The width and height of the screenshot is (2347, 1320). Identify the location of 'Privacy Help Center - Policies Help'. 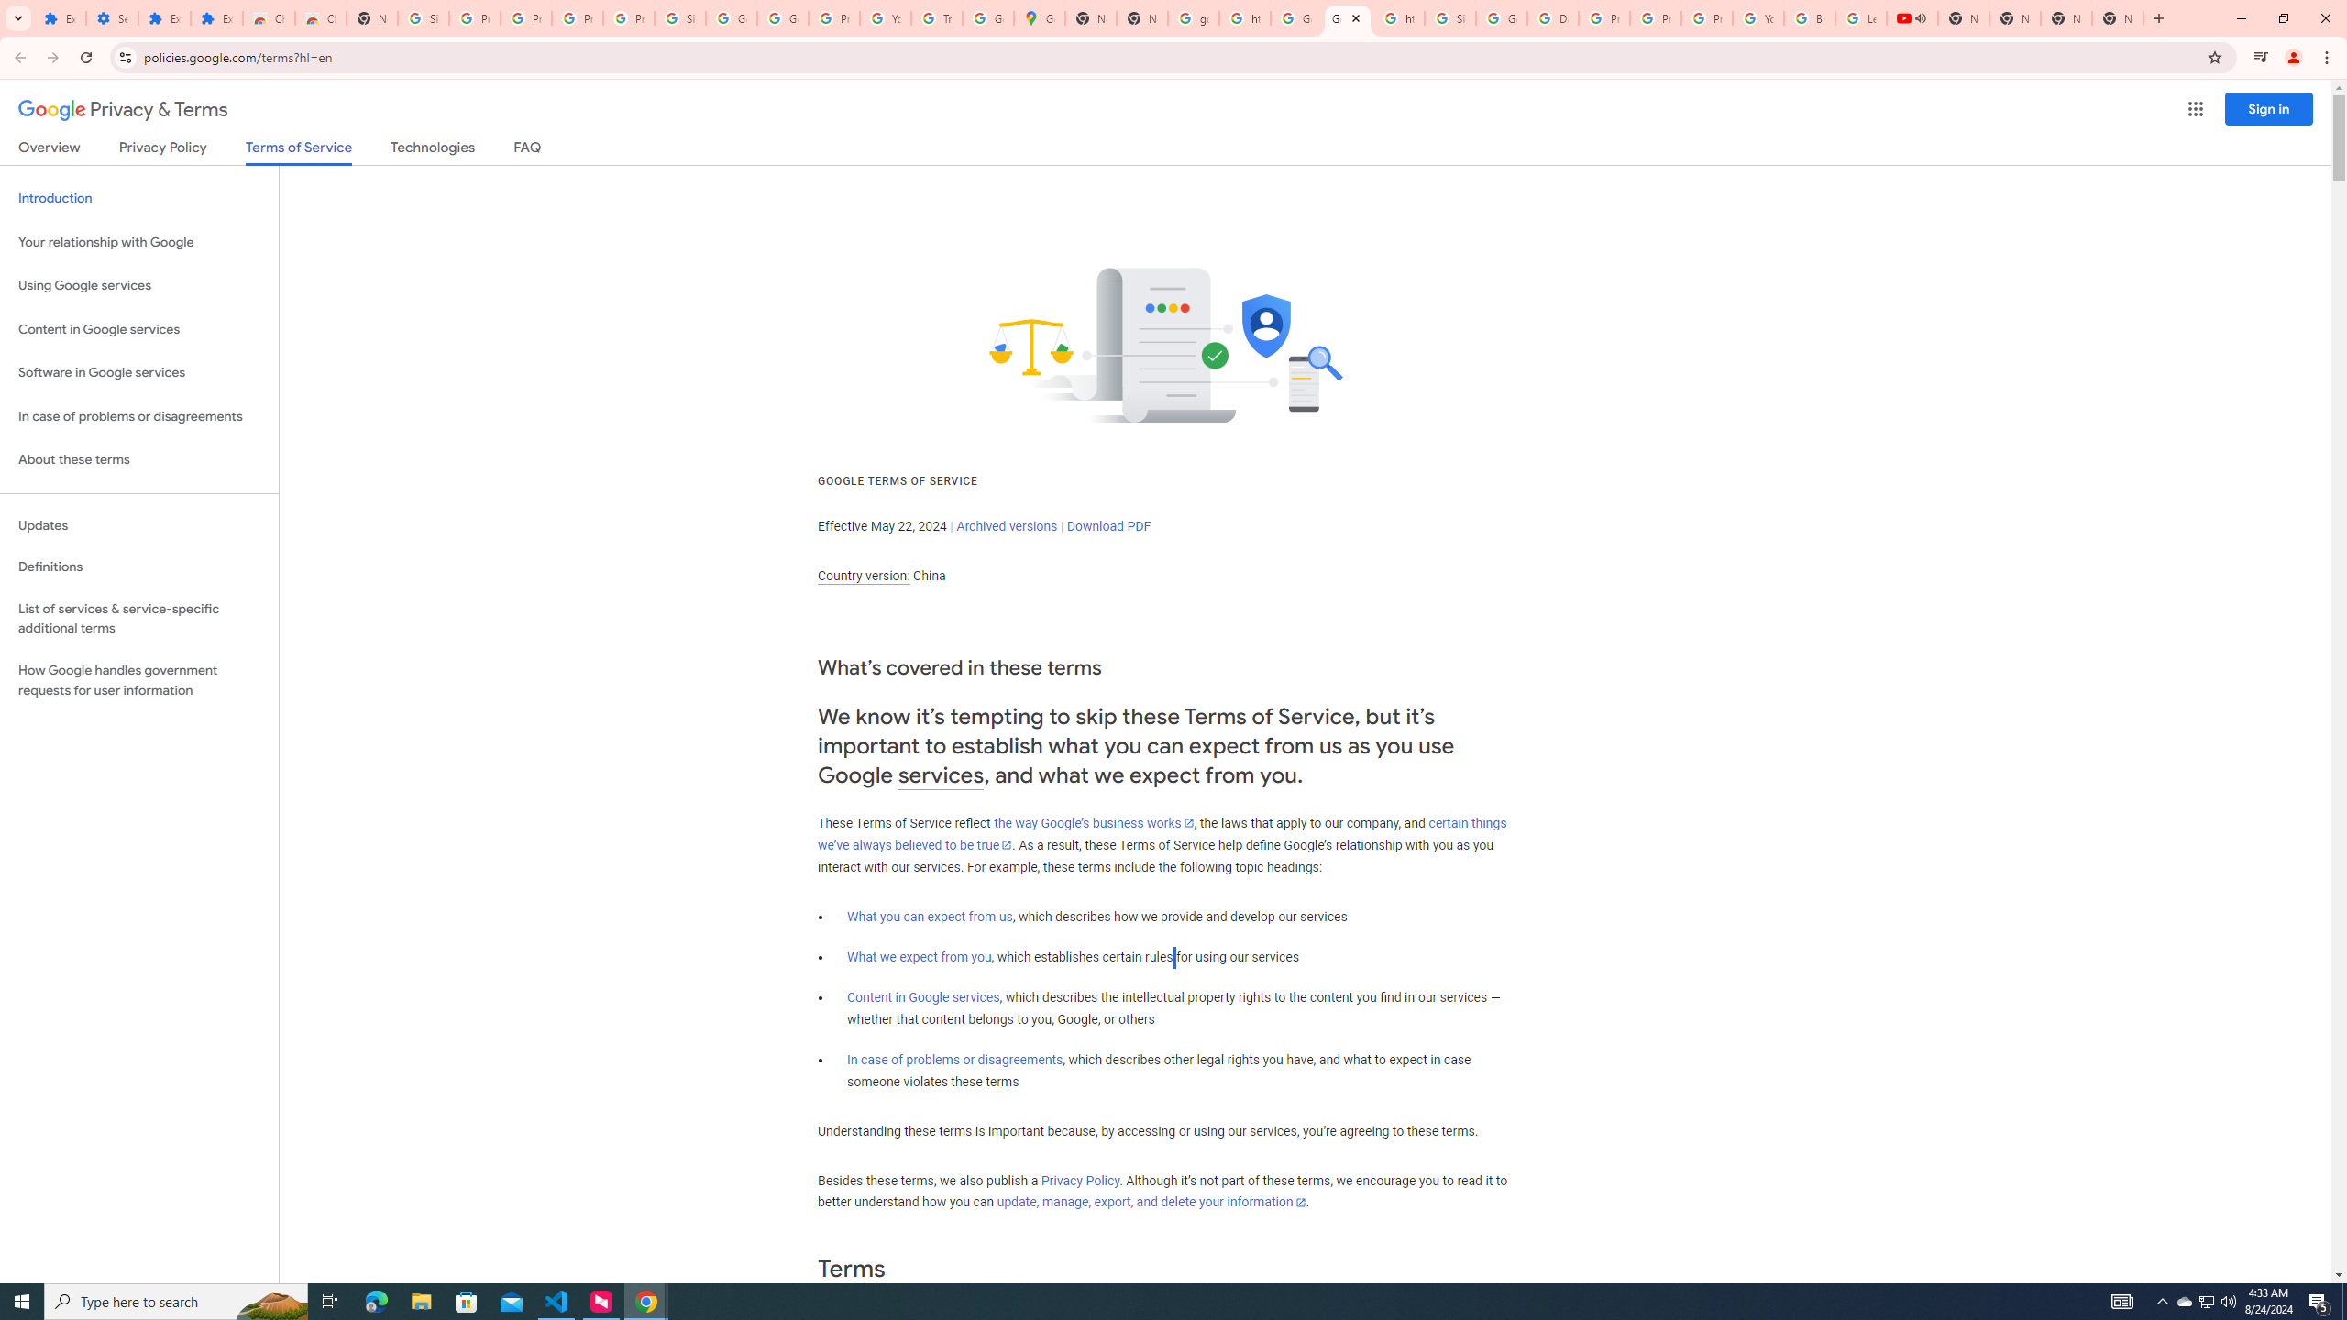
(1655, 17).